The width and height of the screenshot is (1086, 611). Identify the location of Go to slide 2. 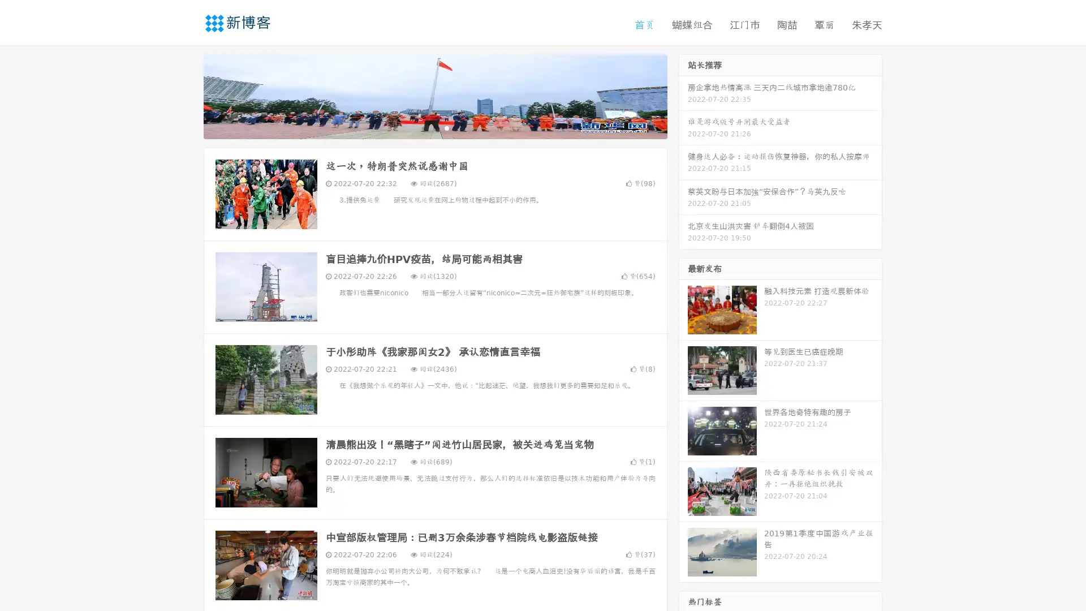
(434, 127).